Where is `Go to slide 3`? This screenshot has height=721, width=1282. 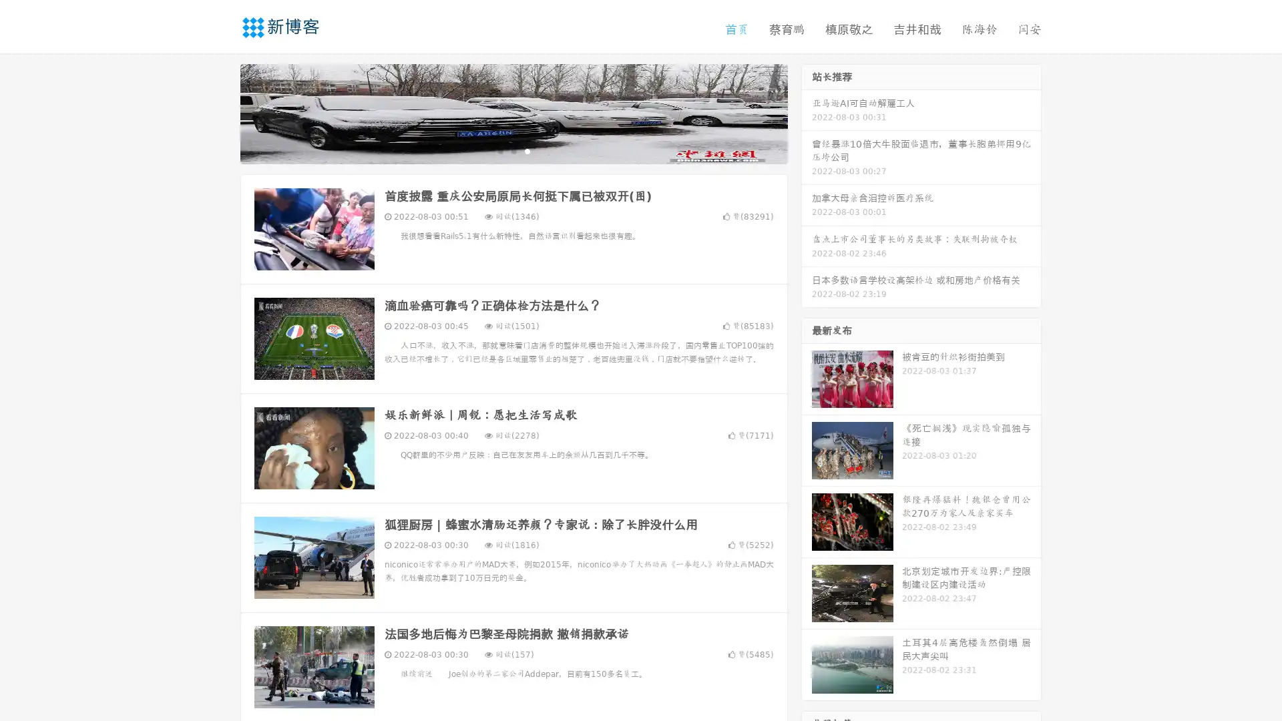
Go to slide 3 is located at coordinates (527, 150).